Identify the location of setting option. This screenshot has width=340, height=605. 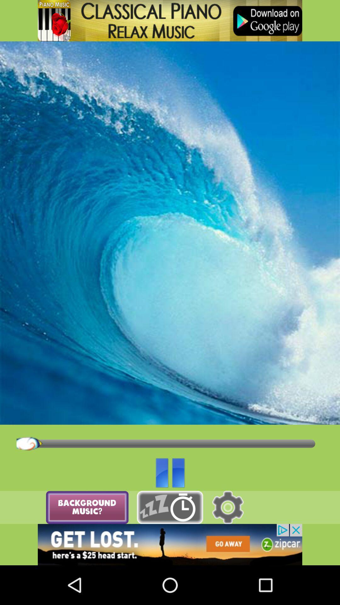
(228, 507).